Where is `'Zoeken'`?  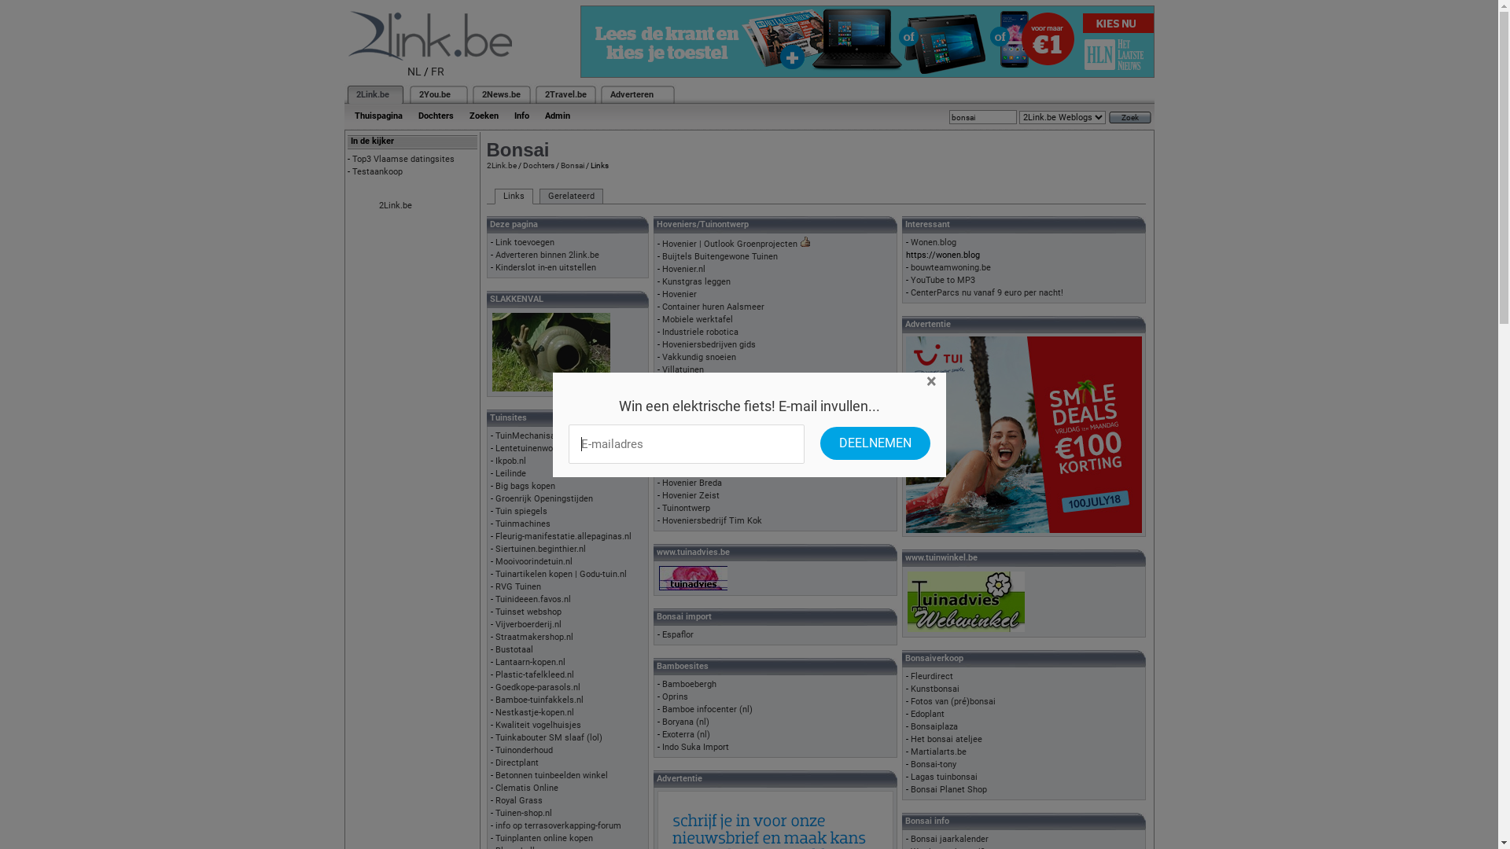
'Zoeken' is located at coordinates (482, 115).